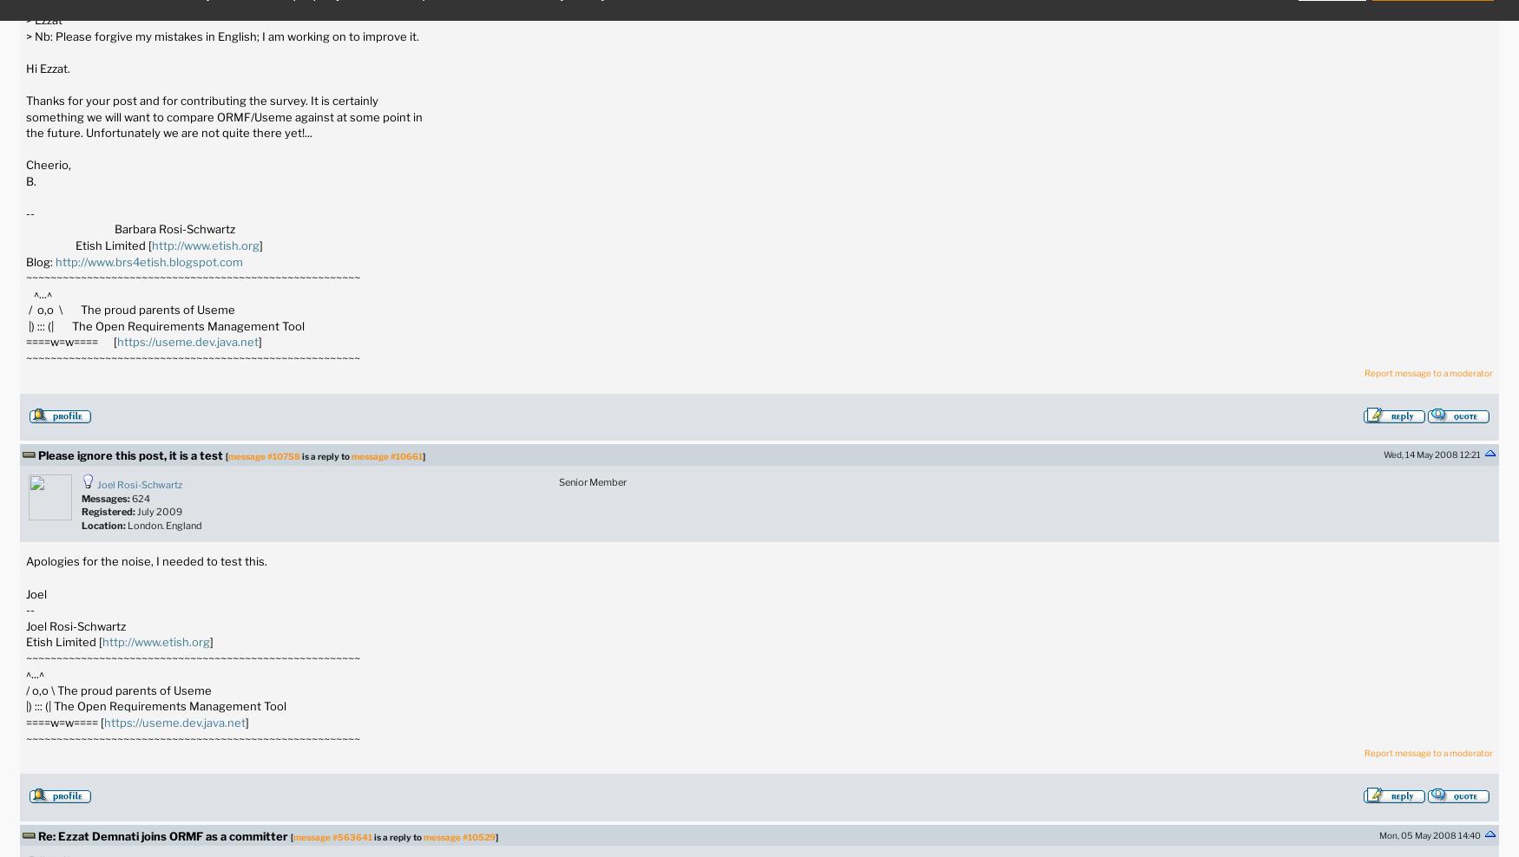 The width and height of the screenshot is (1519, 857). I want to click on '> Ezzat', so click(43, 19).